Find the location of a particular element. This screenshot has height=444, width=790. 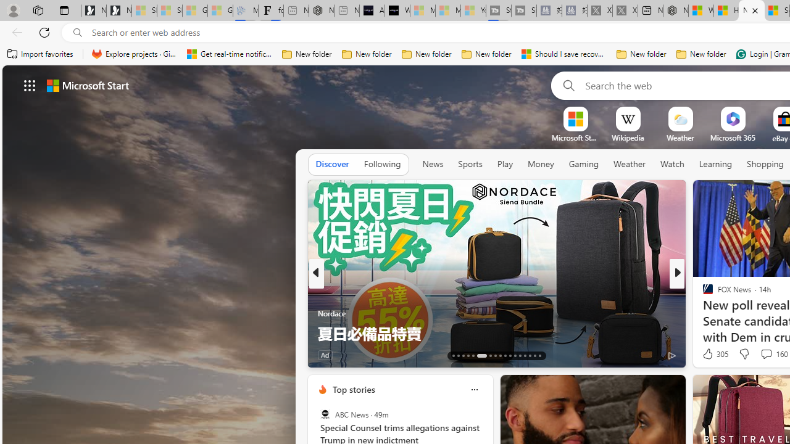

'157 Like' is located at coordinates (711, 355).